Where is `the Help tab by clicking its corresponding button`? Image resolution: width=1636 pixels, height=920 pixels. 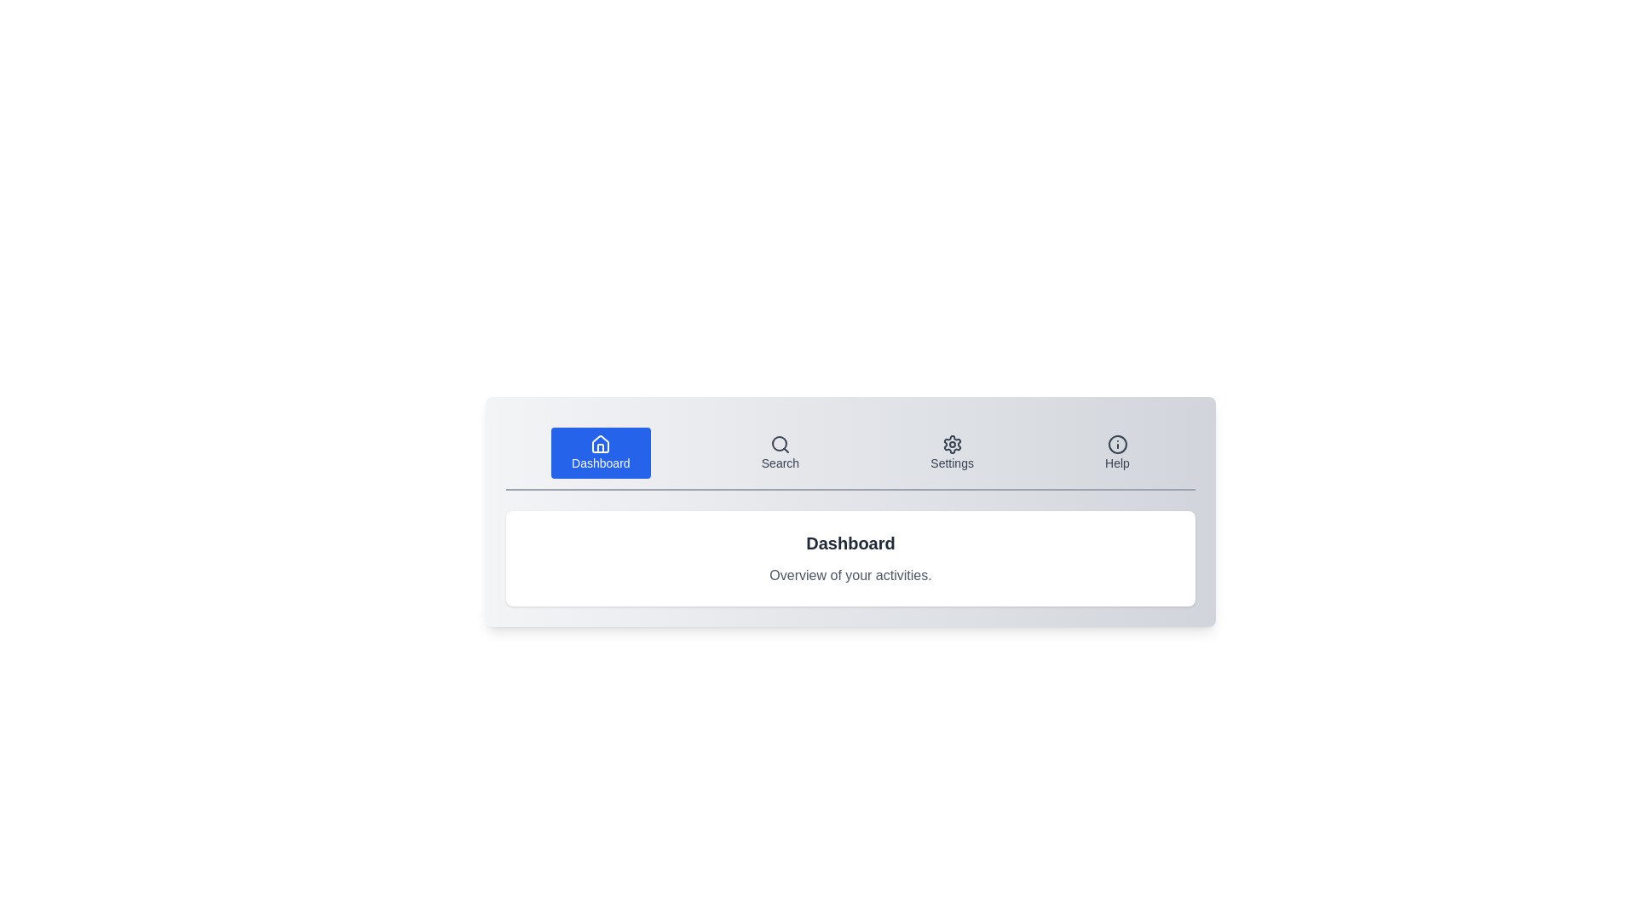 the Help tab by clicking its corresponding button is located at coordinates (1117, 452).